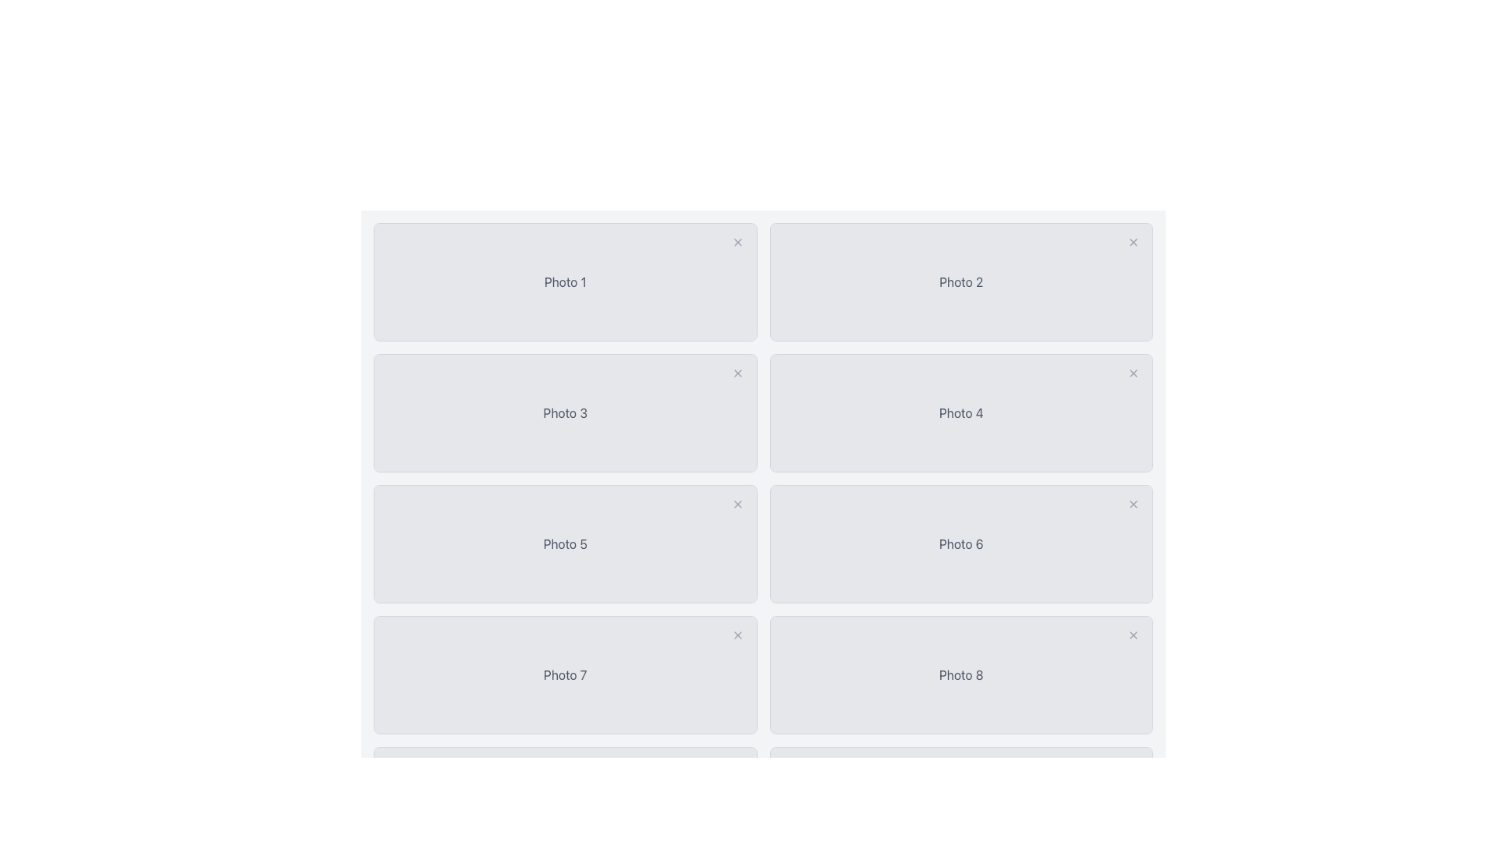 This screenshot has height=842, width=1498. Describe the element at coordinates (1134, 373) in the screenshot. I see `the close button located in the top-right corner of the 'Photo 4' card` at that location.